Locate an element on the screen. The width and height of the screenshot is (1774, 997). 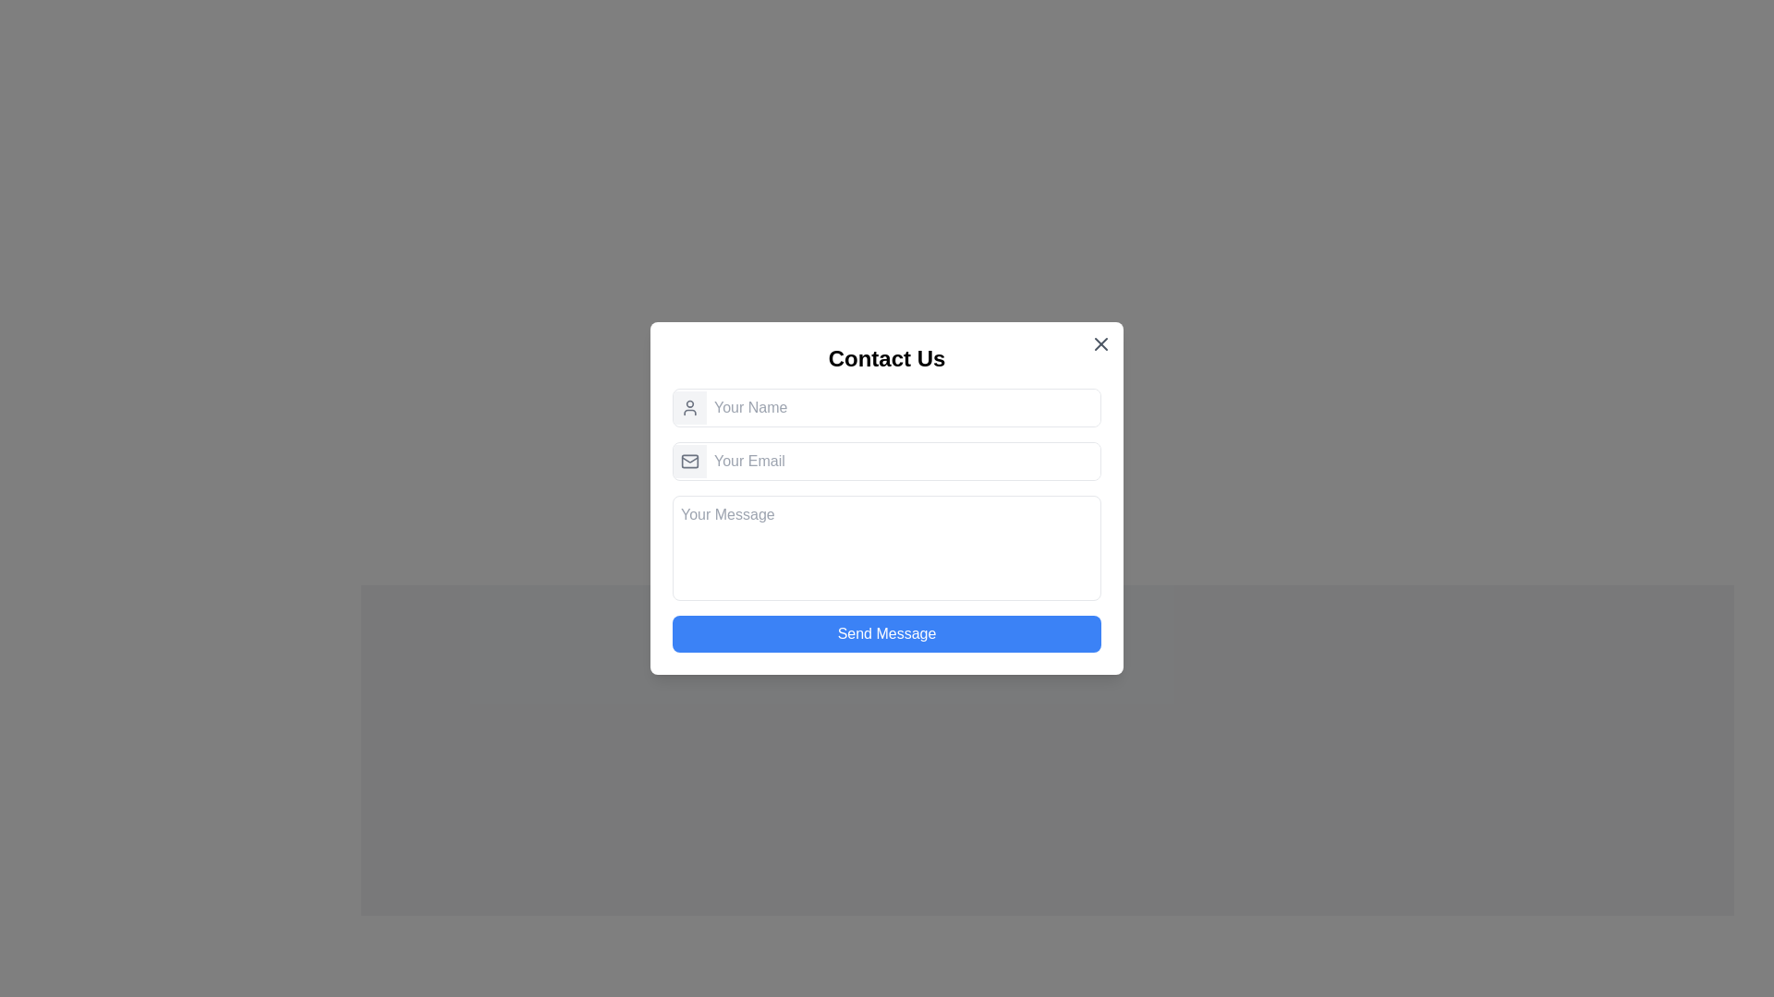
the icon located at the leftmost section of the email input field to focus on the email field it represents is located at coordinates (689, 461).